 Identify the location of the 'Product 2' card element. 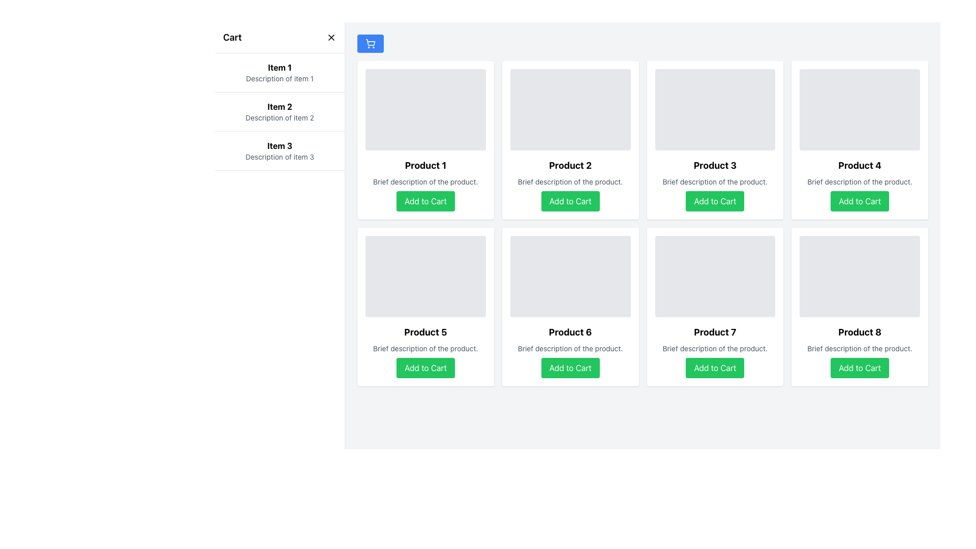
(570, 140).